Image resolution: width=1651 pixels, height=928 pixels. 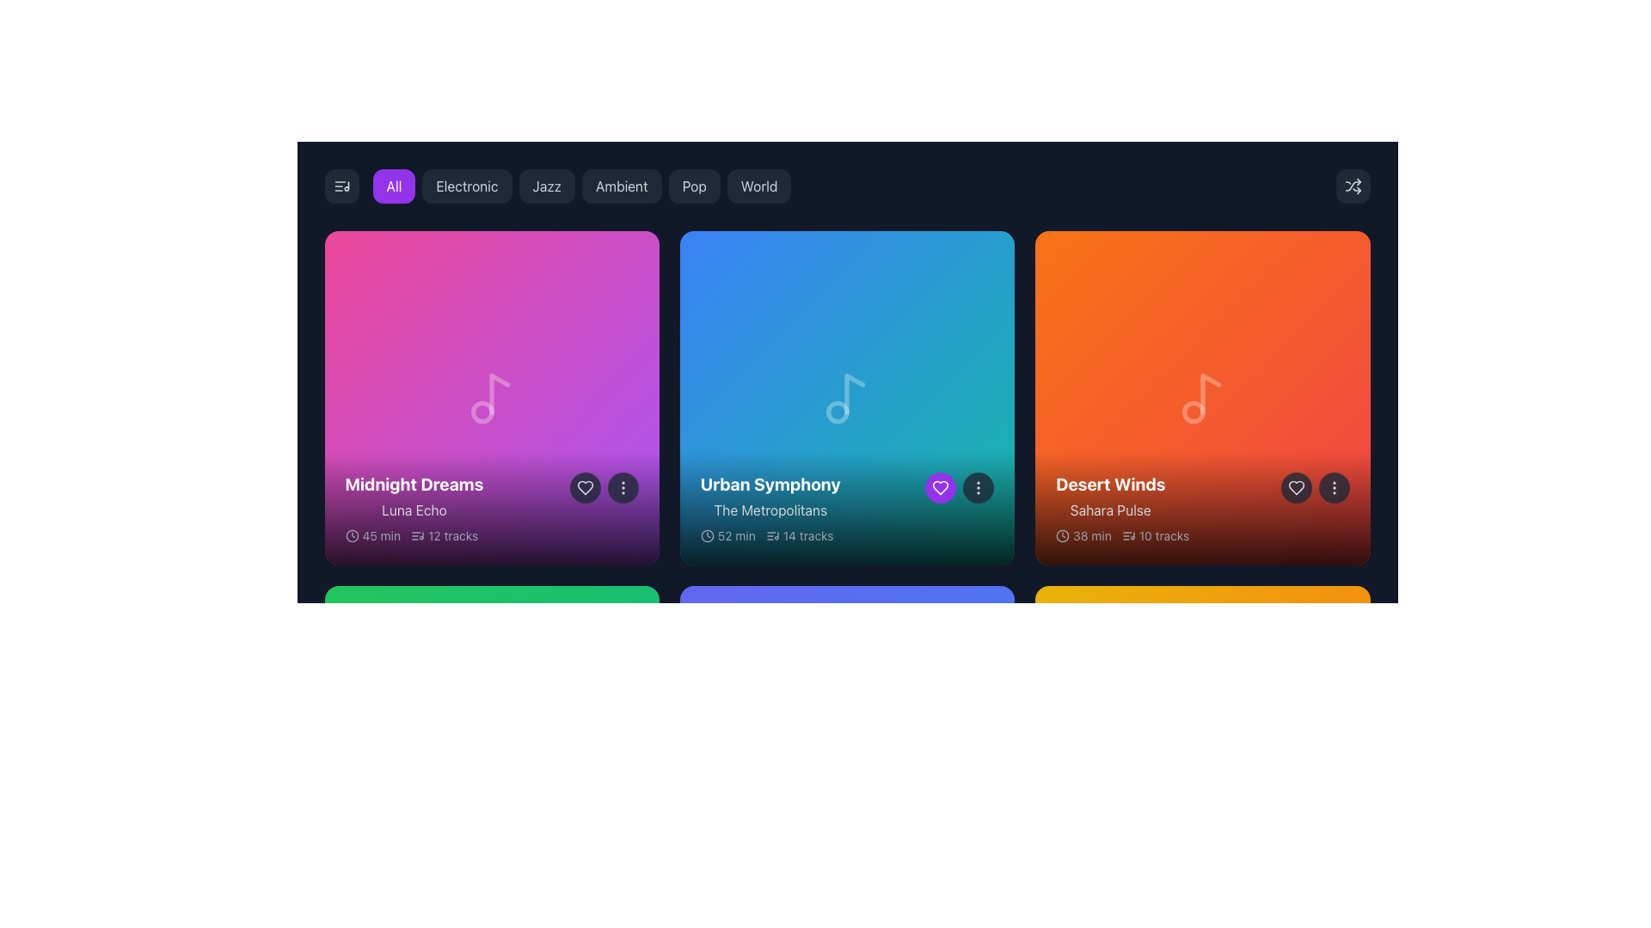 I want to click on the static text element displaying 'The Metropolitans', which is located in the middle of the second card from the left, positioned below 'Urban Symphony' and above the time and track count information, so click(x=770, y=510).